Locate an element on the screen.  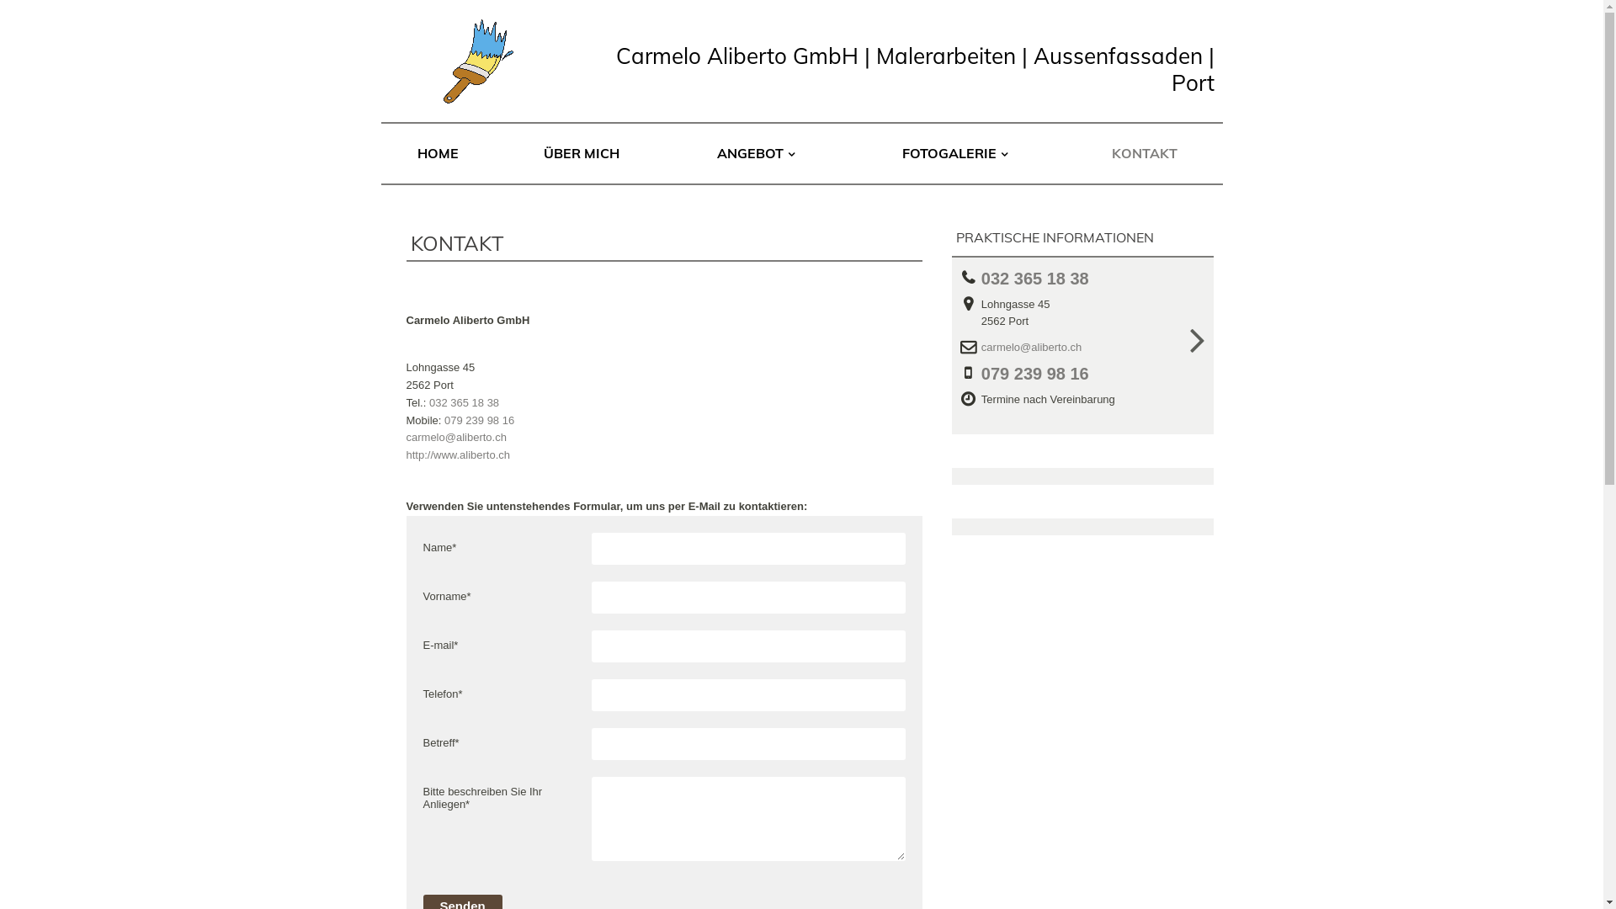
'KONTAKT' is located at coordinates (1066, 153).